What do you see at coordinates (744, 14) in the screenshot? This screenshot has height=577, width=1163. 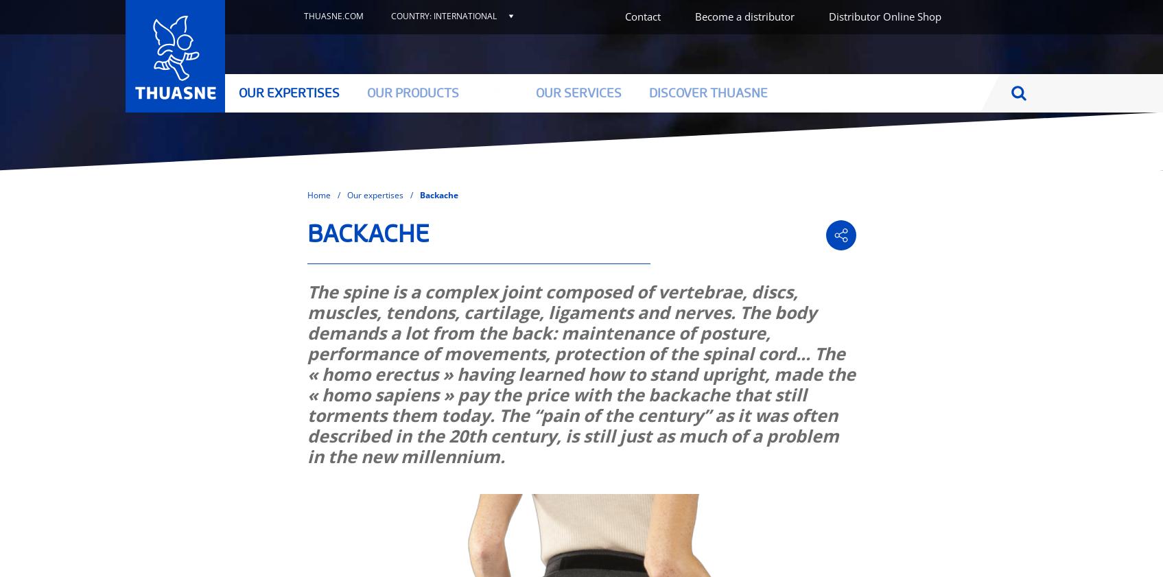 I see `'Become a distributor'` at bounding box center [744, 14].